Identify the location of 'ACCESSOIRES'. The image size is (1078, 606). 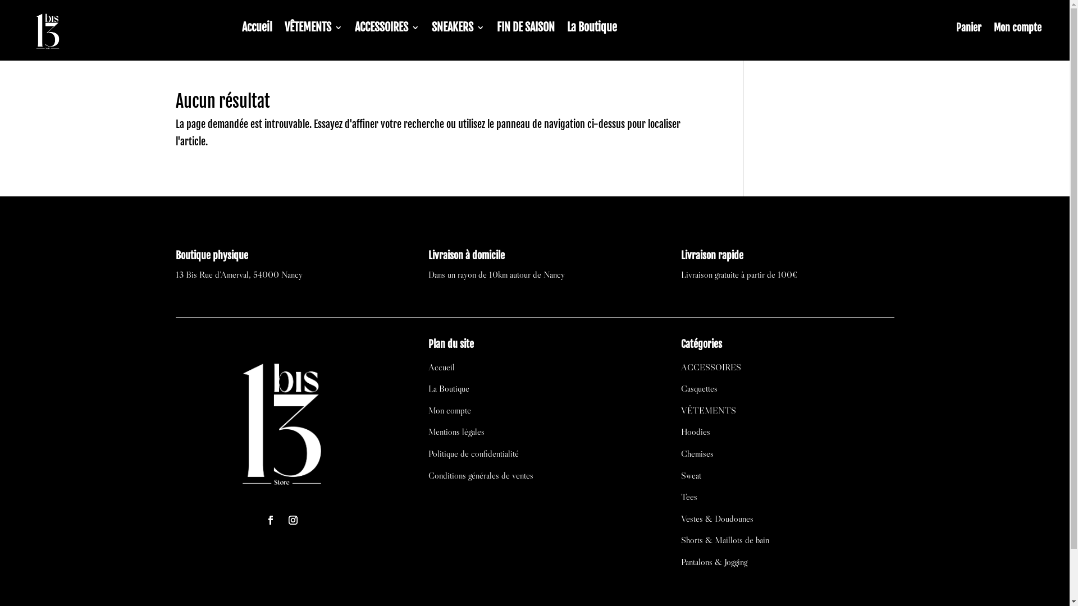
(387, 29).